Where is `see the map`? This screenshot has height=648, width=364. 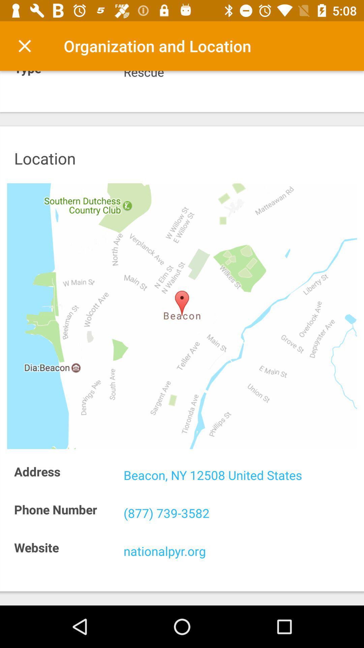 see the map is located at coordinates (182, 316).